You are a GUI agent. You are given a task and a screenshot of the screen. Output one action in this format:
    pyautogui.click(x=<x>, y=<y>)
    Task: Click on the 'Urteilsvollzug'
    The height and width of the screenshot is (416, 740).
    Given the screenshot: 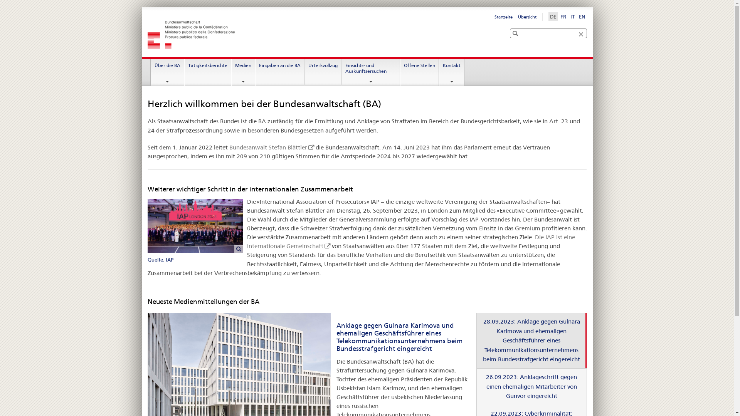 What is the action you would take?
    pyautogui.click(x=304, y=72)
    